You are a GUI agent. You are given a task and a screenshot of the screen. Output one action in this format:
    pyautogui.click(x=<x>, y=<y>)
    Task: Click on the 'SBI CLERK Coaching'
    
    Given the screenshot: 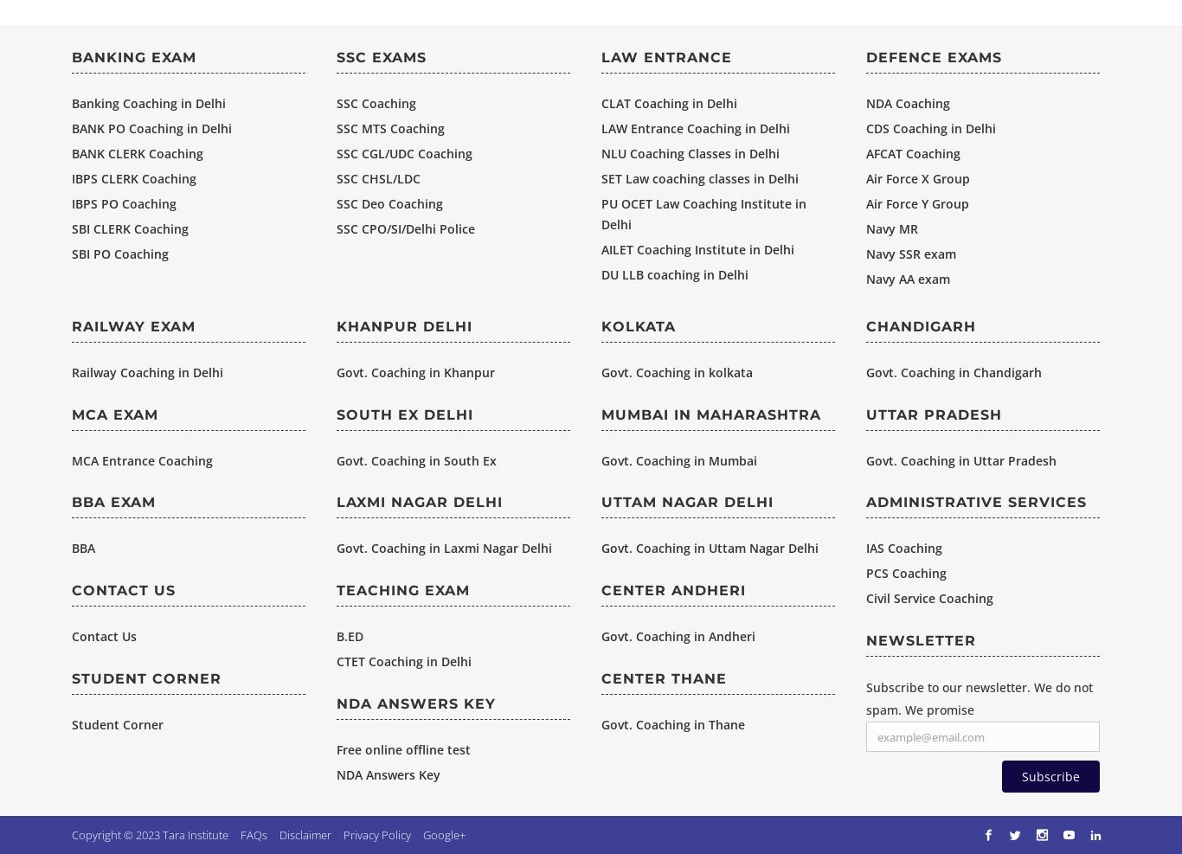 What is the action you would take?
    pyautogui.click(x=129, y=228)
    